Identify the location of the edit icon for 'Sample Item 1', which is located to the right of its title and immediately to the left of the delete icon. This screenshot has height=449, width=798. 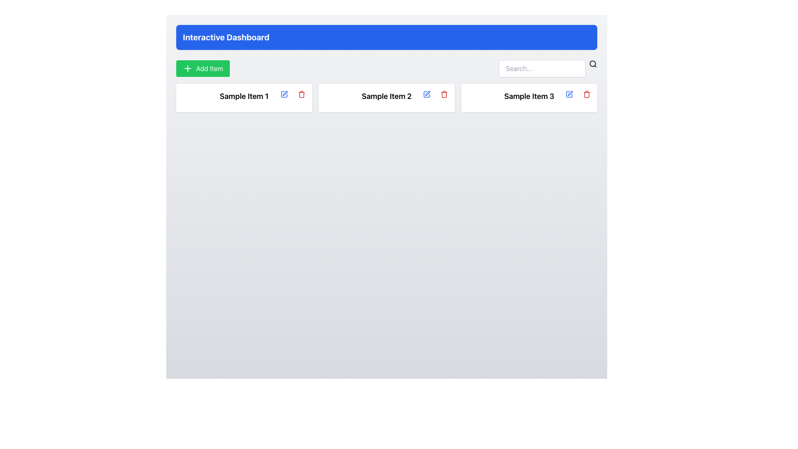
(284, 94).